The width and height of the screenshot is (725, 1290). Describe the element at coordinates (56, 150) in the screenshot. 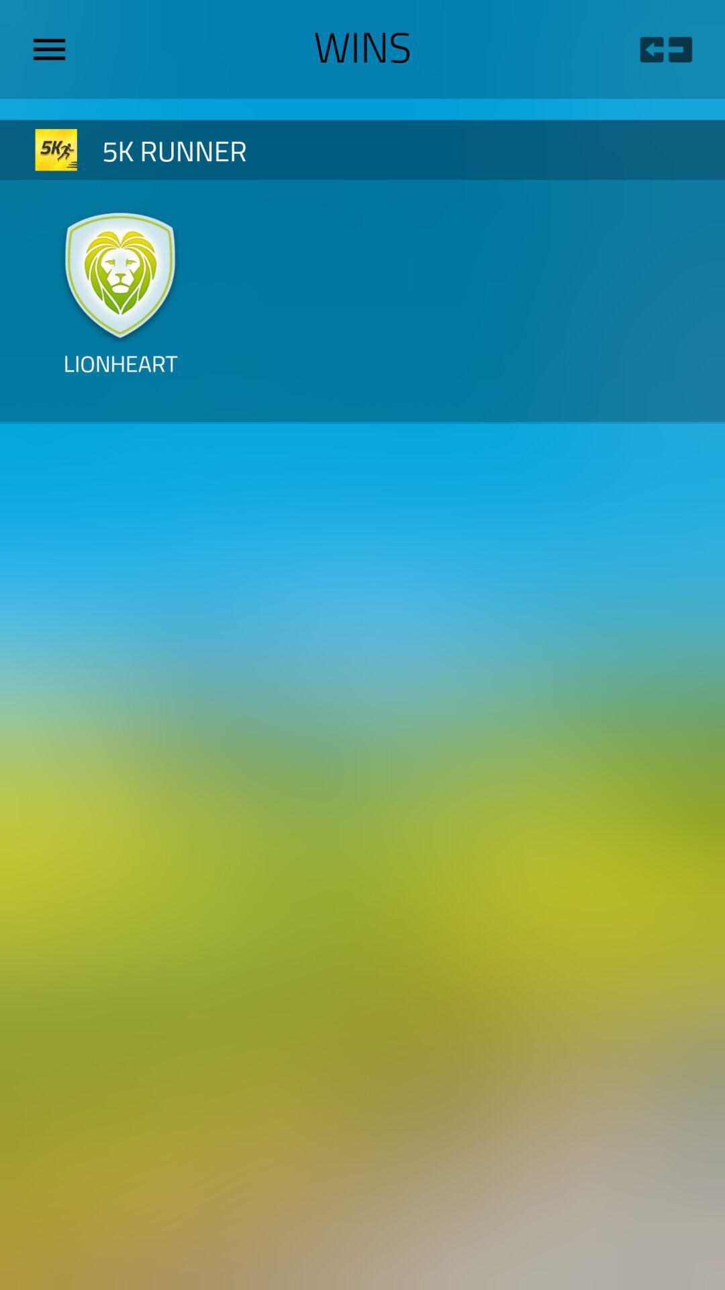

I see `item next to 5k runner icon` at that location.